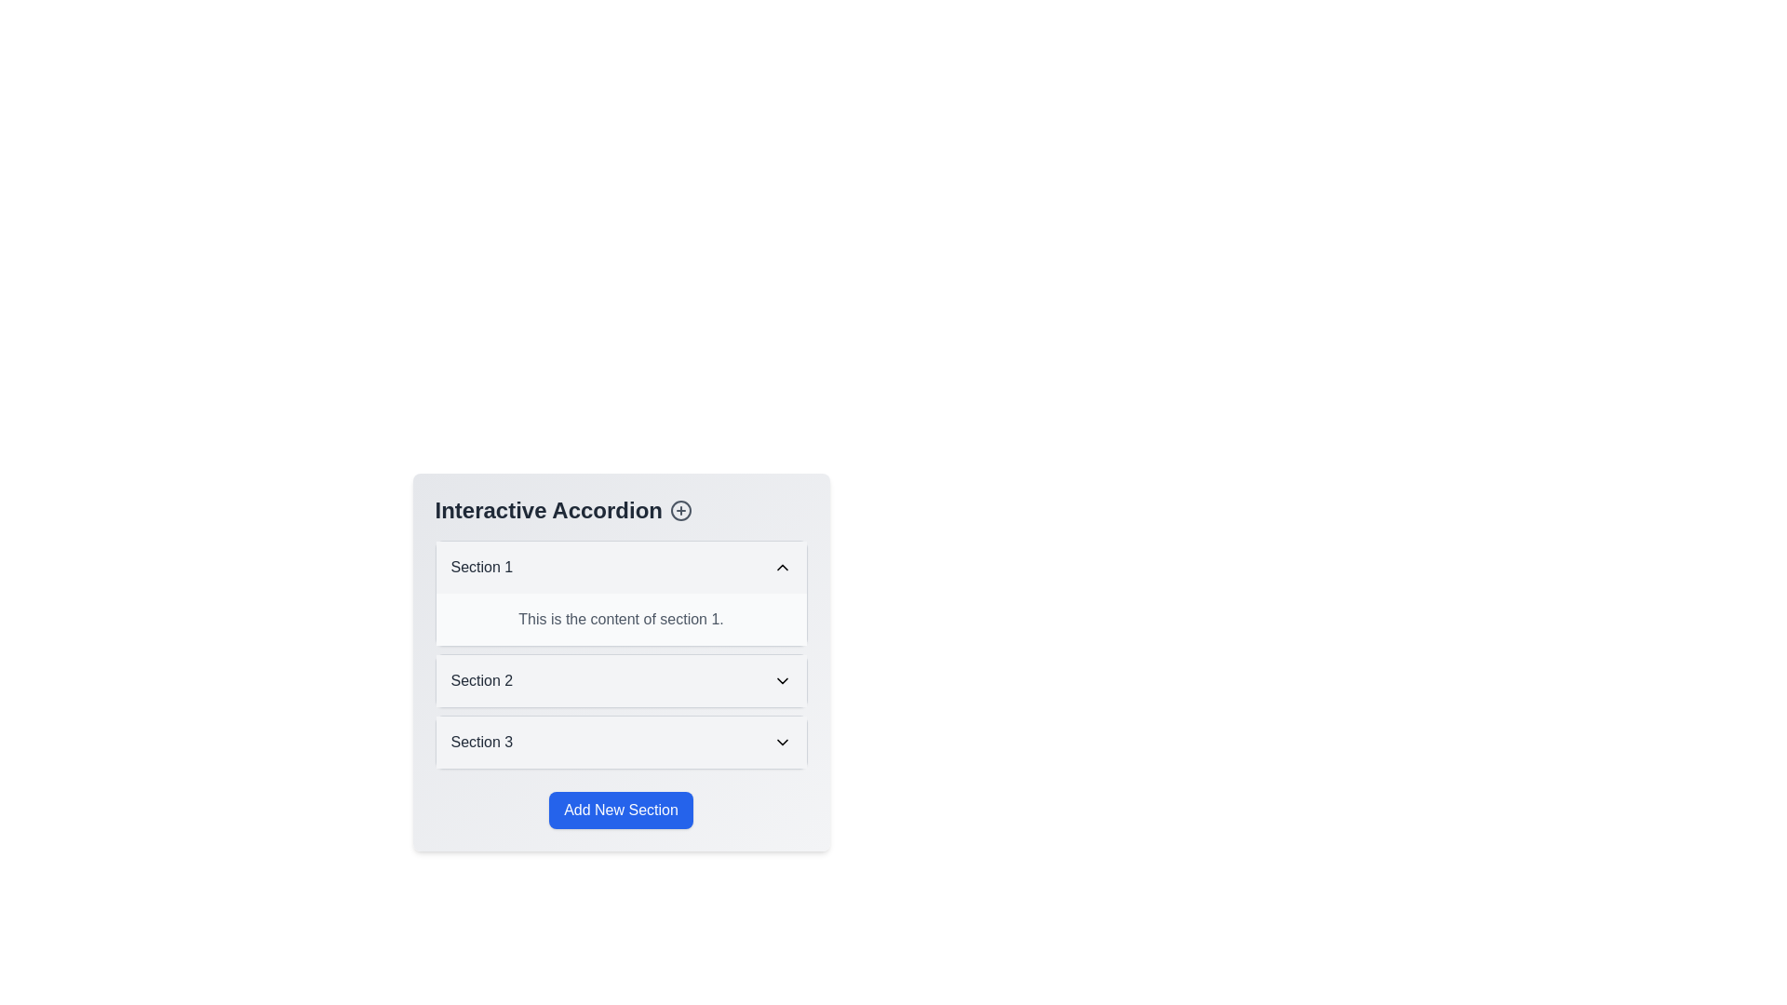  What do you see at coordinates (481, 681) in the screenshot?
I see `the static text label displaying 'Section 2', which is a bold, dark gray text aligned to the left within a light gray rectangular area` at bounding box center [481, 681].